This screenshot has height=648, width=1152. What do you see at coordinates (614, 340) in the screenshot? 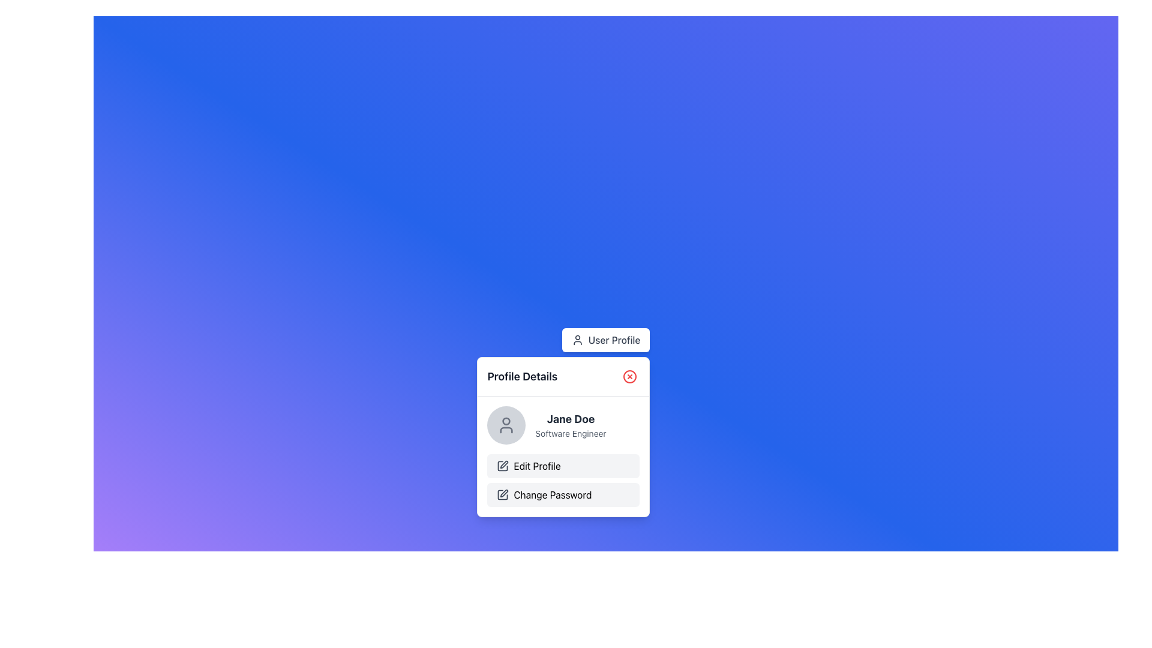
I see `text label that serves as a link or button label for the user profile, located to the right of the user icon at the top-center of the interface` at bounding box center [614, 340].